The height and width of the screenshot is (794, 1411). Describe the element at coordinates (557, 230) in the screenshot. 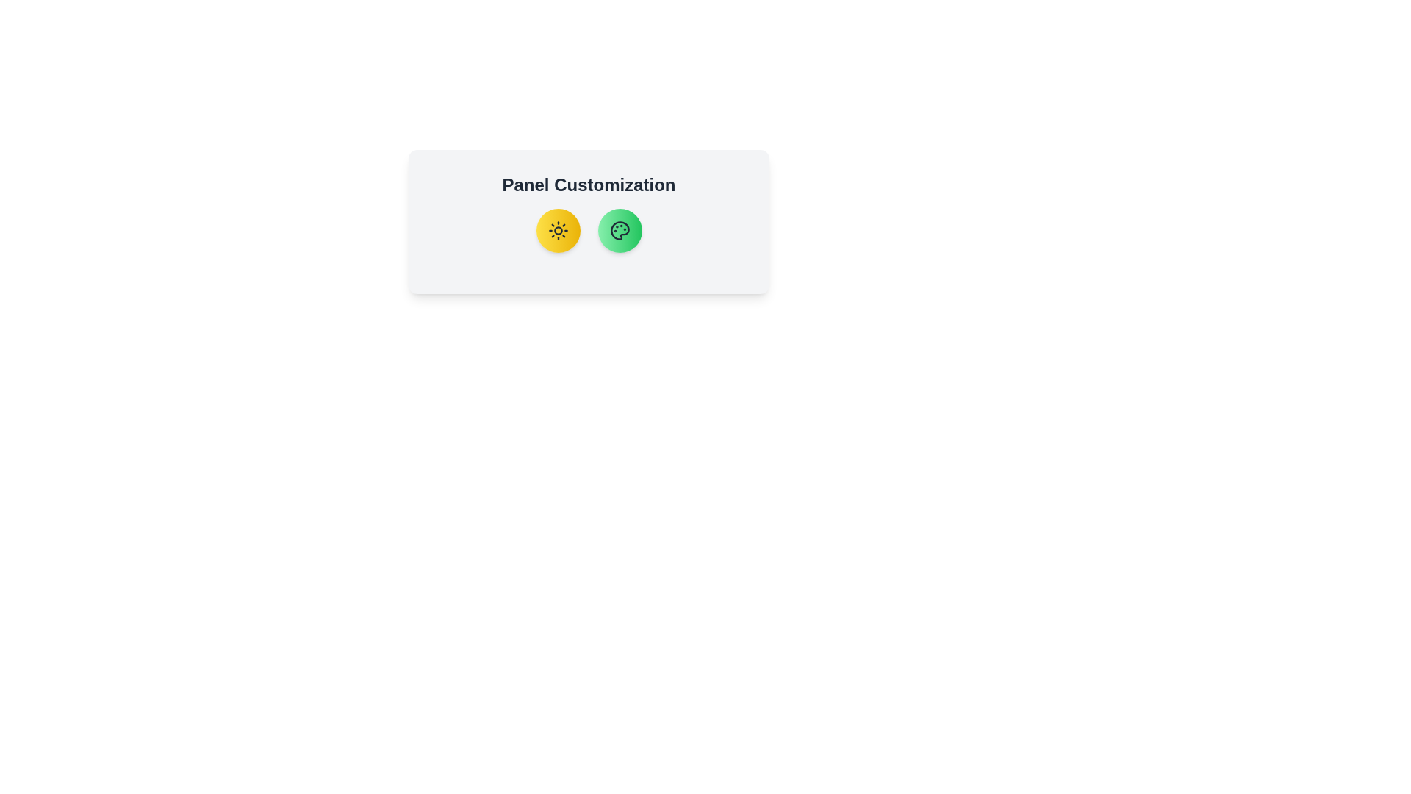

I see `the first button in the row under the 'Panel Customization' heading` at that location.